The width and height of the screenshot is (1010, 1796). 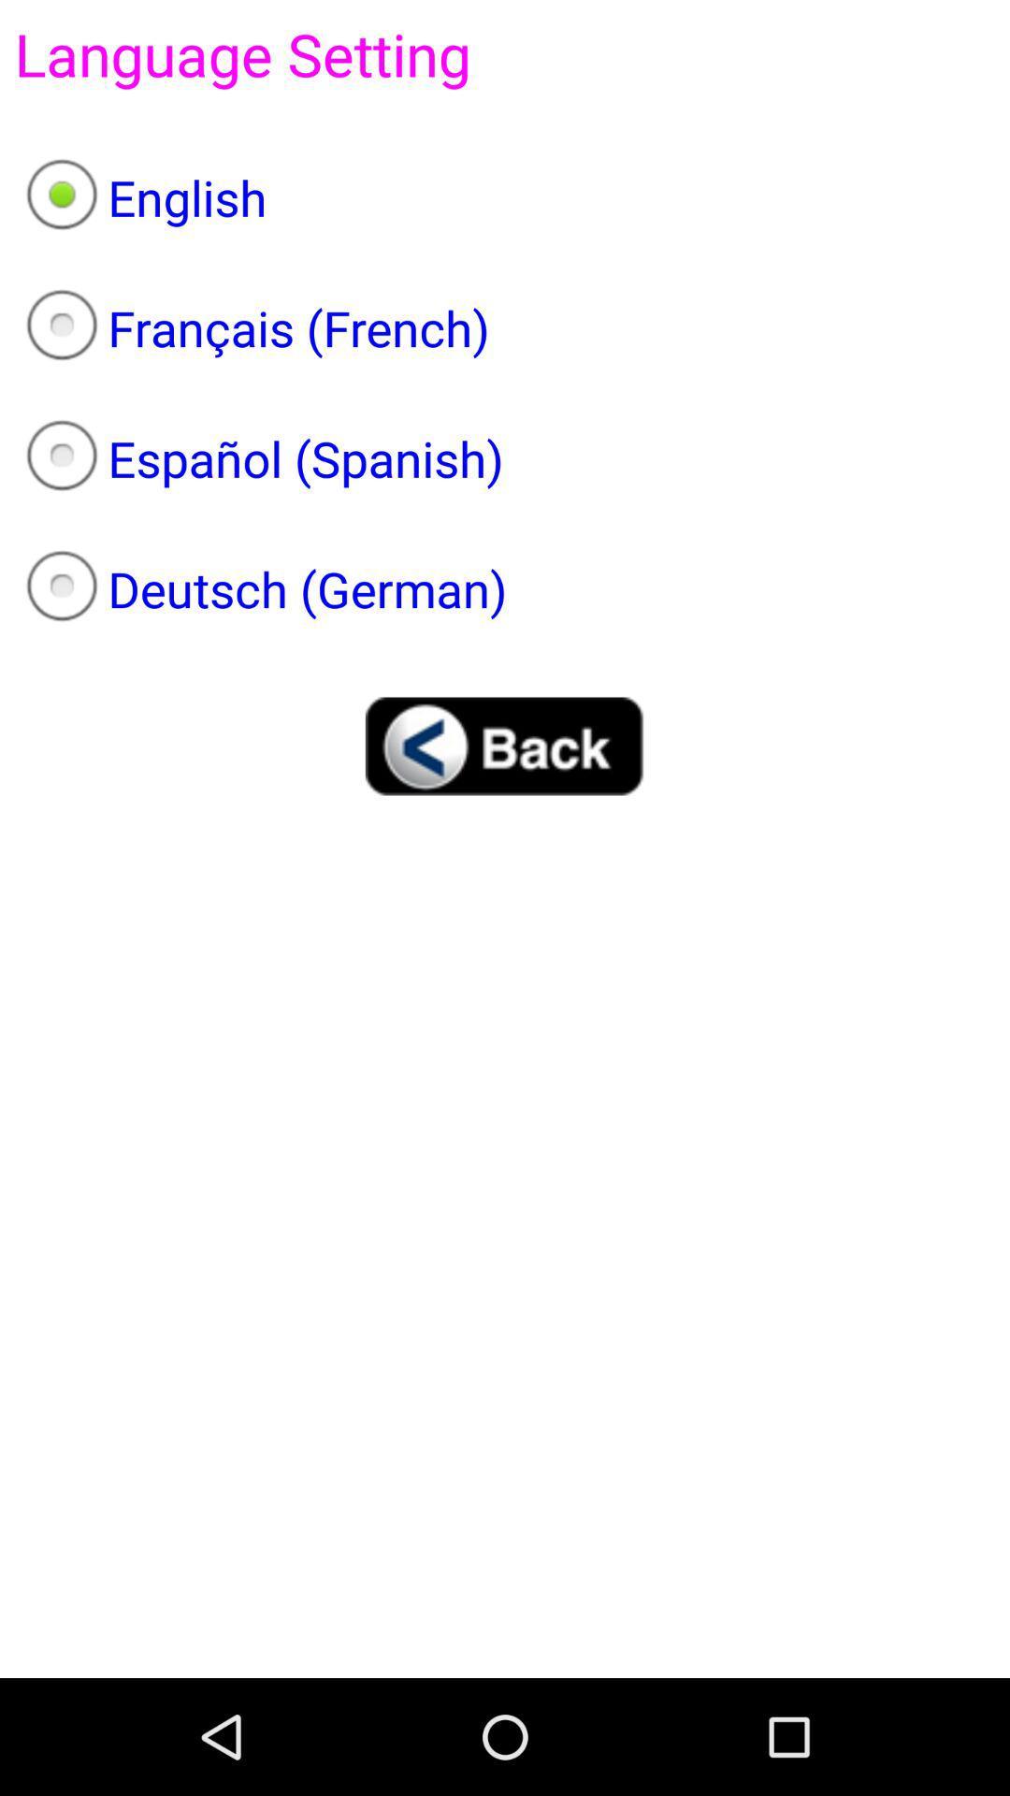 I want to click on the english item, so click(x=505, y=197).